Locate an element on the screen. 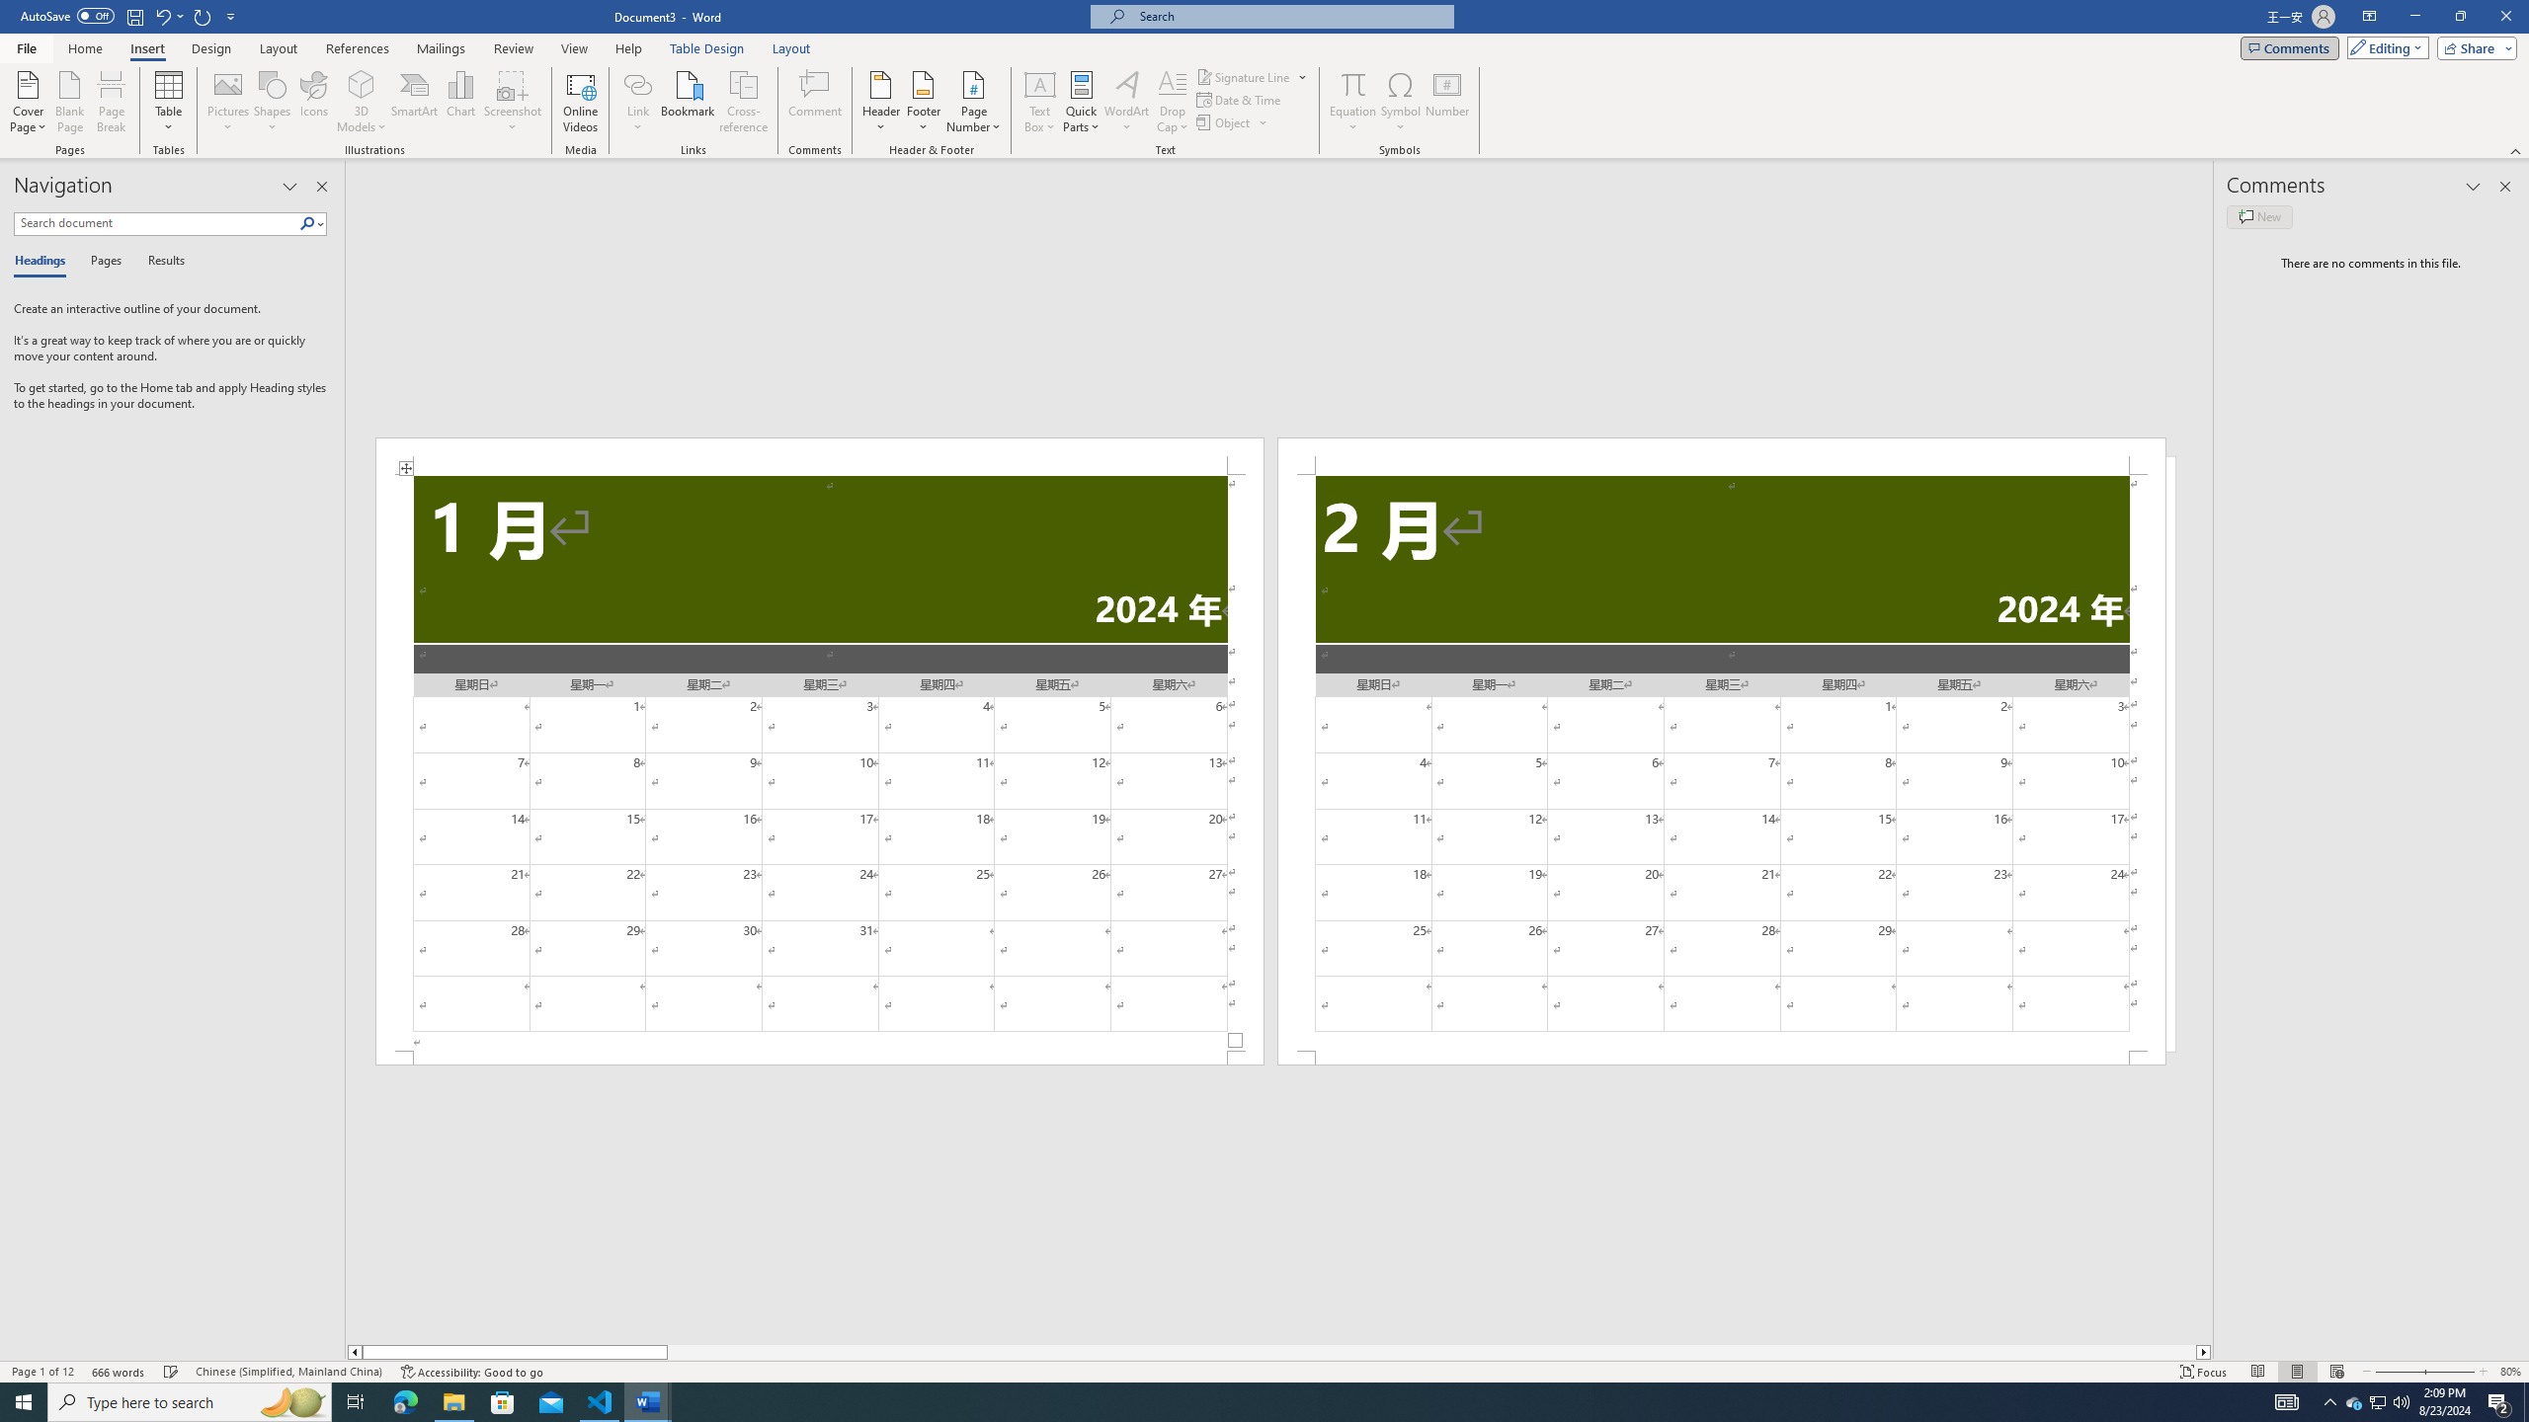 The height and width of the screenshot is (1422, 2529). 'Footer' is located at coordinates (922, 102).